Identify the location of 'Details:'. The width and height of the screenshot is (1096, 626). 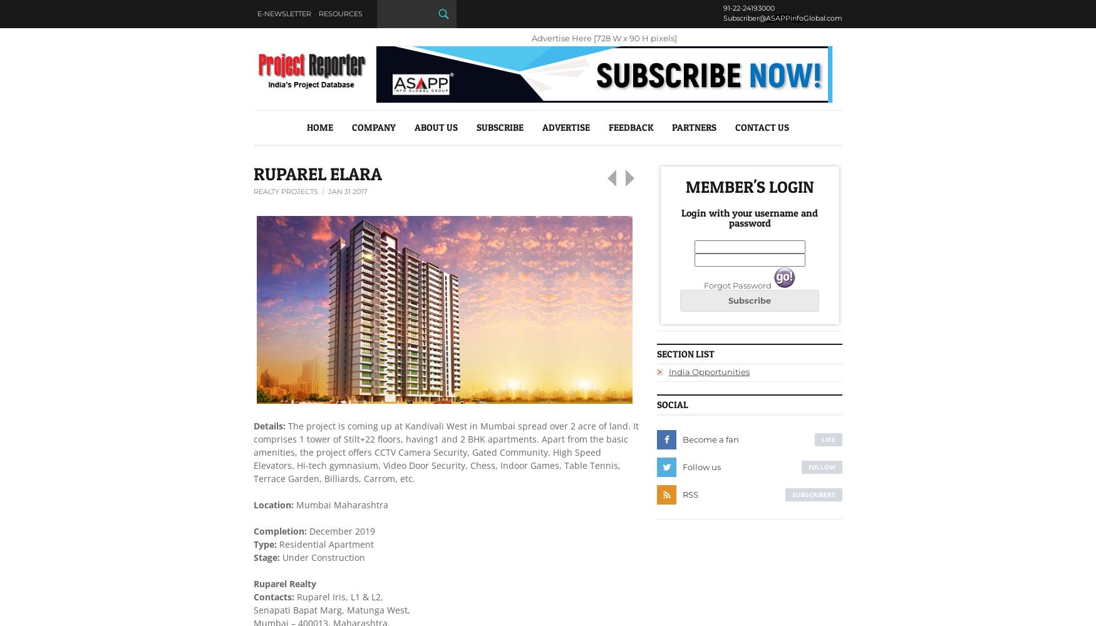
(270, 425).